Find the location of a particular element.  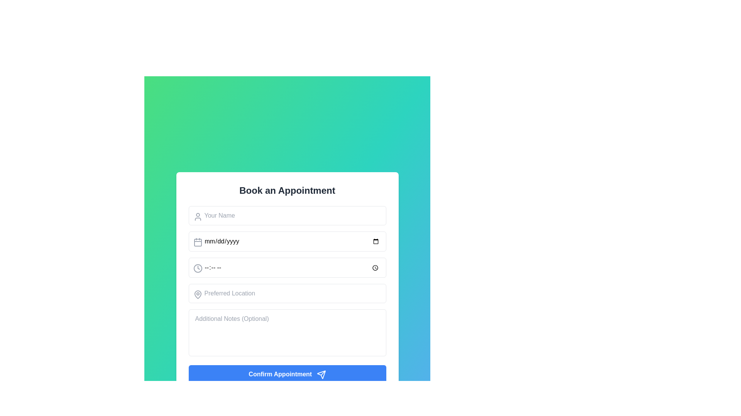

the decorative SVG circle that is part of the clock icon, located near the center of the clock icon in the user interface form is located at coordinates (198, 268).